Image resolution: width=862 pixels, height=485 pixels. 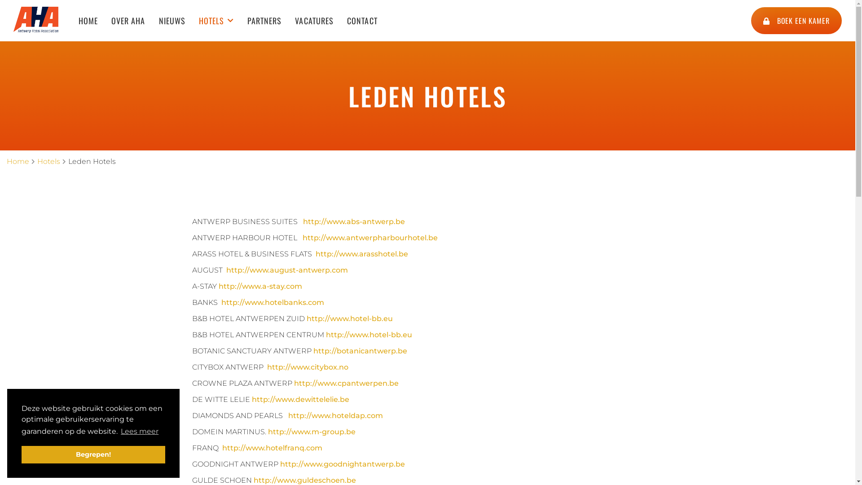 What do you see at coordinates (300, 399) in the screenshot?
I see `'http://www.dewittelelie.be'` at bounding box center [300, 399].